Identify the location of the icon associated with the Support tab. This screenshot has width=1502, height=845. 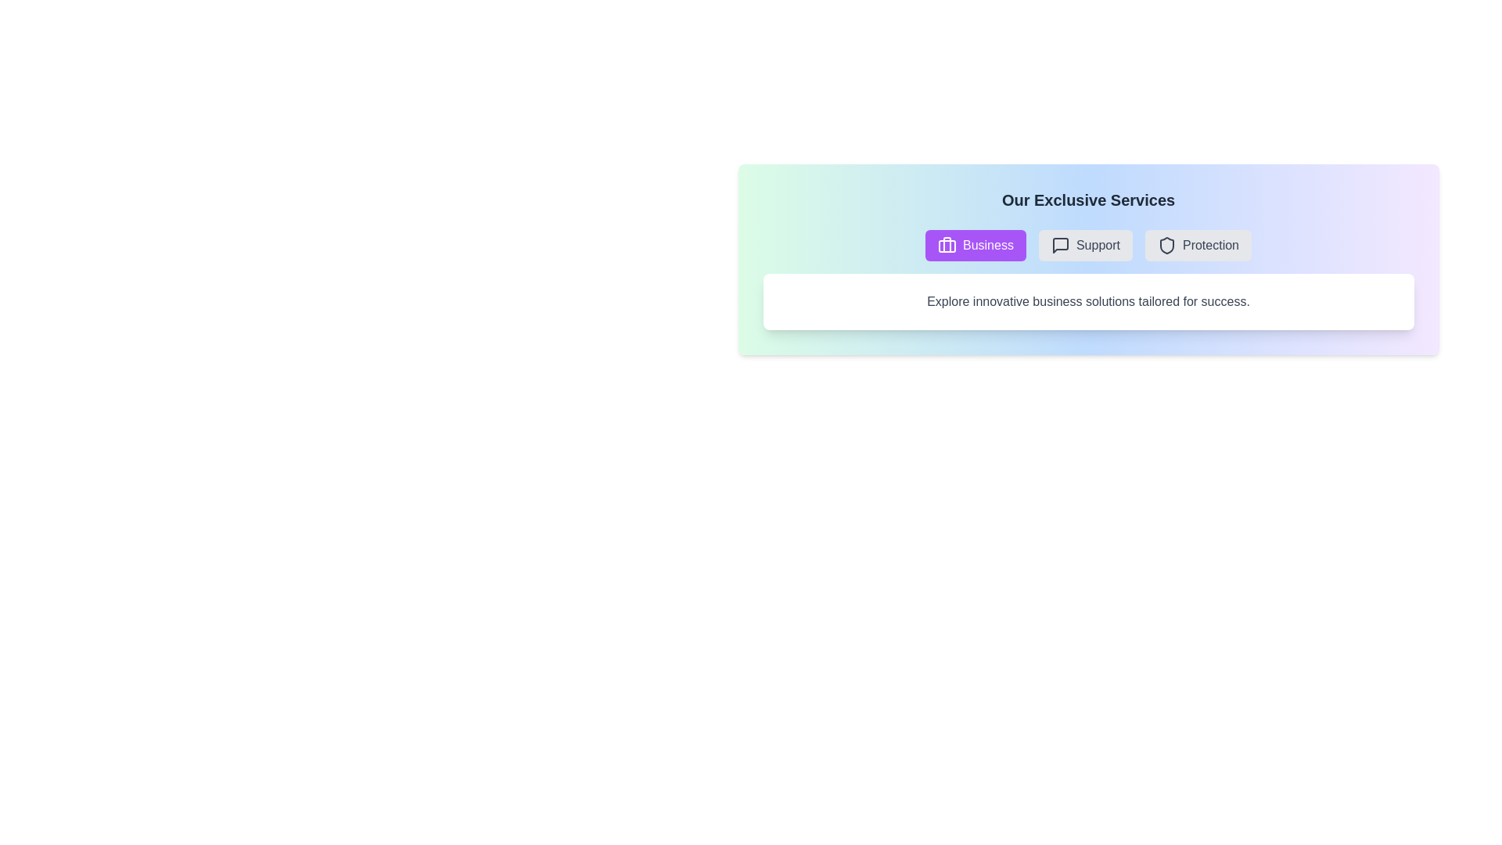
(1060, 245).